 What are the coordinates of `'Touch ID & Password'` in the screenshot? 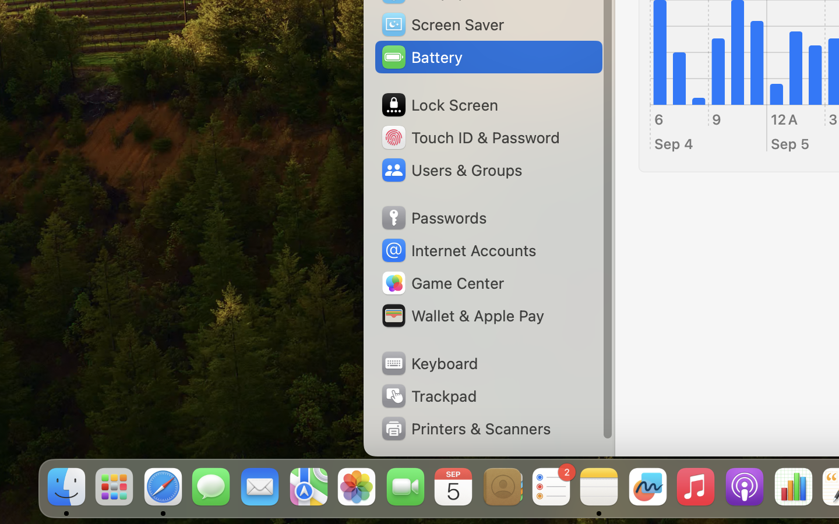 It's located at (470, 136).